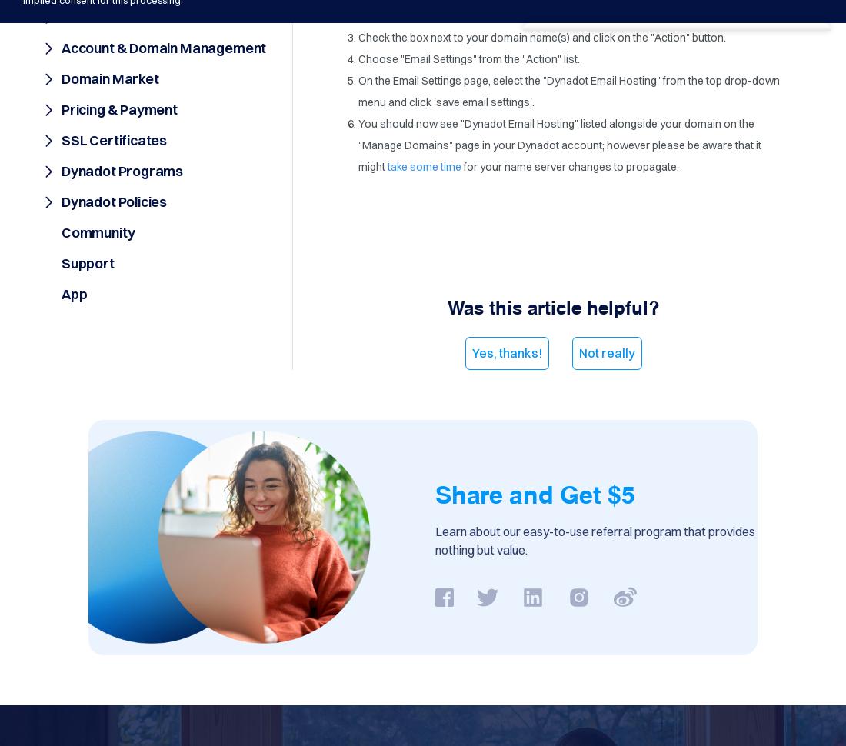 The height and width of the screenshot is (746, 846). Describe the element at coordinates (585, 41) in the screenshot. I see `'Chat Online'` at that location.